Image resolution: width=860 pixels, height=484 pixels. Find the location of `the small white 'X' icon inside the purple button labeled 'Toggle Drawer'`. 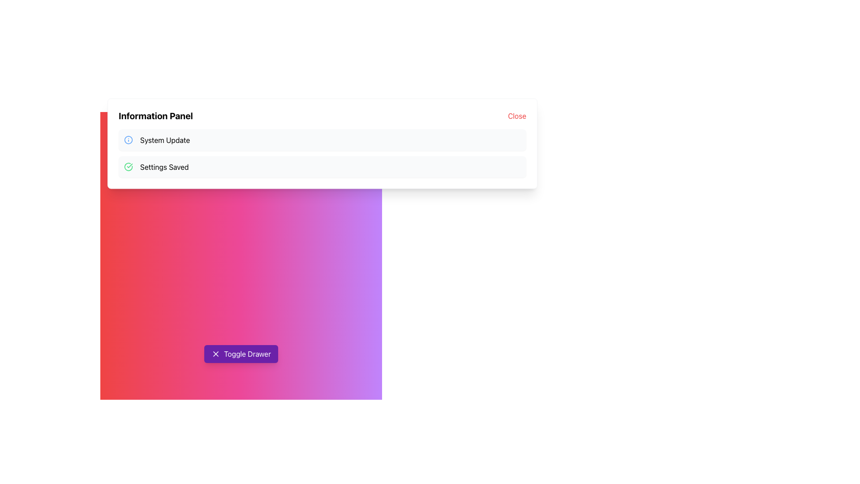

the small white 'X' icon inside the purple button labeled 'Toggle Drawer' is located at coordinates (216, 354).